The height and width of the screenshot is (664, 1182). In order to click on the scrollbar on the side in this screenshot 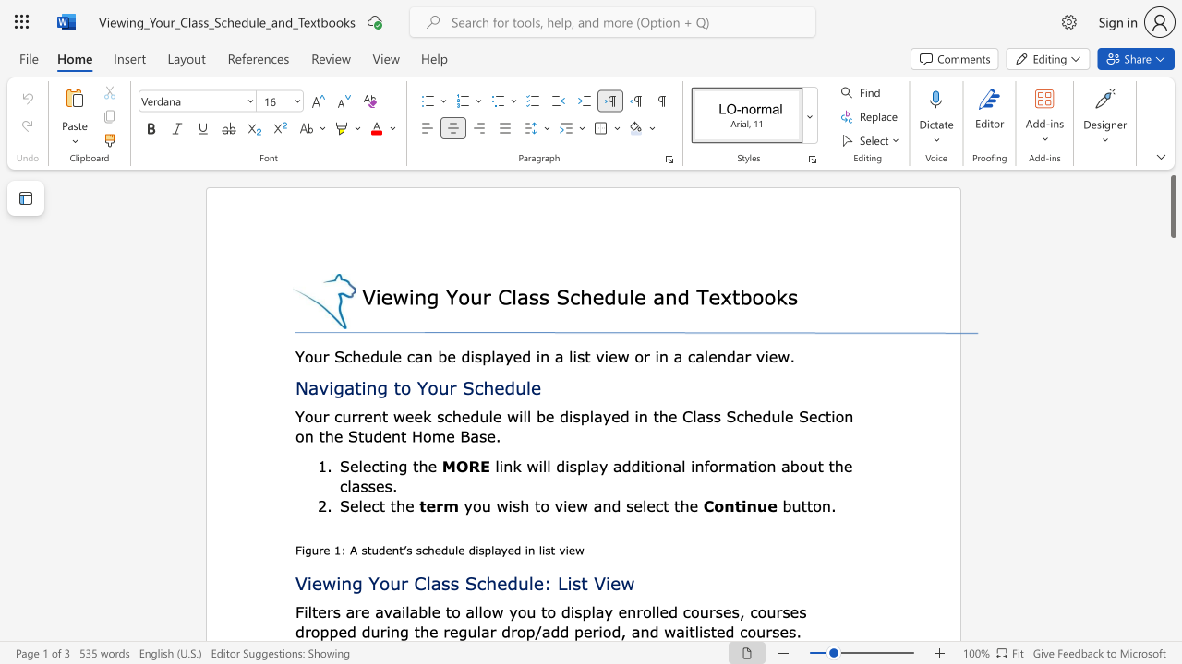, I will do `click(1172, 277)`.